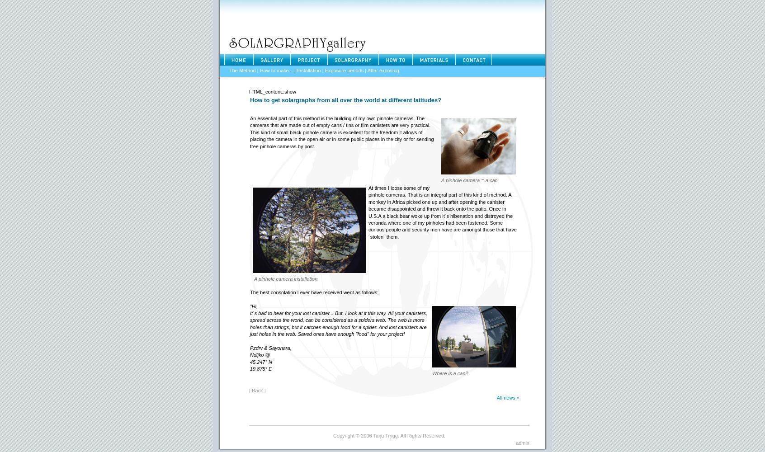 This screenshot has height=452, width=765. I want to click on 'How to make...', so click(275, 71).